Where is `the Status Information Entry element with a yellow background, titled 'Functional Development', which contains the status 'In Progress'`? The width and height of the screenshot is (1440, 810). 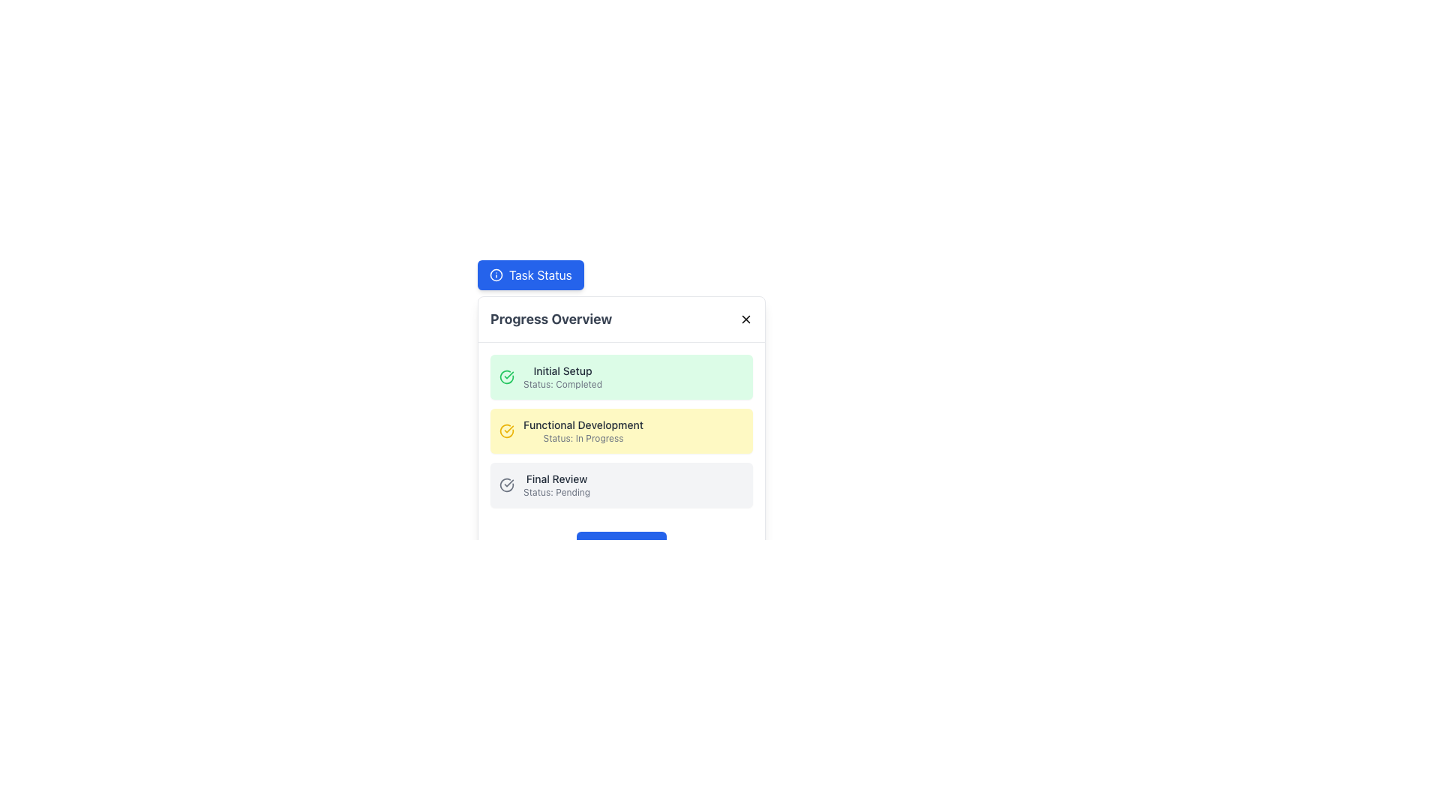
the Status Information Entry element with a yellow background, titled 'Functional Development', which contains the status 'In Progress' is located at coordinates (622, 430).